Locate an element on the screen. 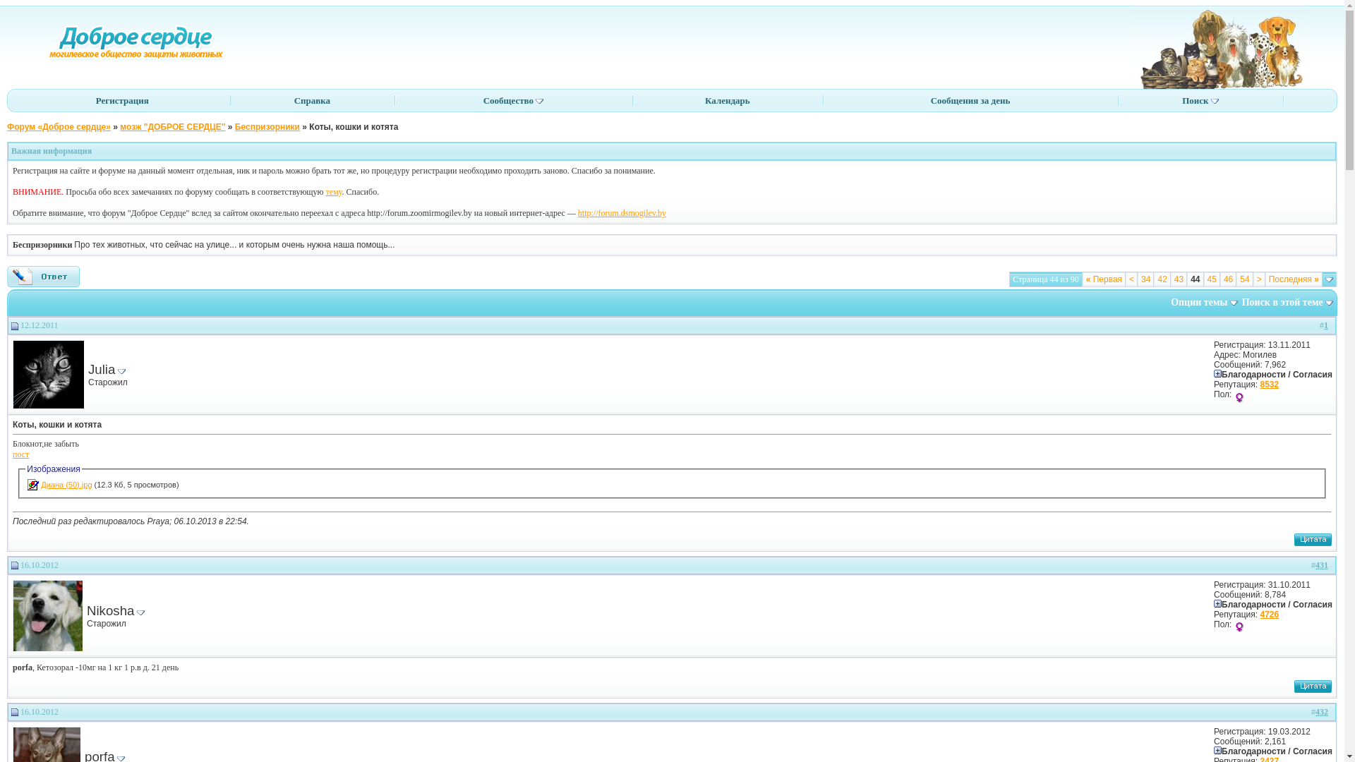  '4726' is located at coordinates (1269, 614).